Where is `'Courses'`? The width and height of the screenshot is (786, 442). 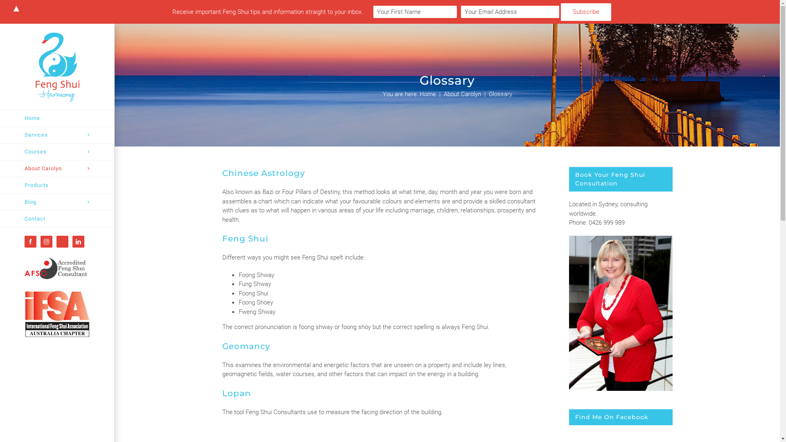 'Courses' is located at coordinates (56, 152).